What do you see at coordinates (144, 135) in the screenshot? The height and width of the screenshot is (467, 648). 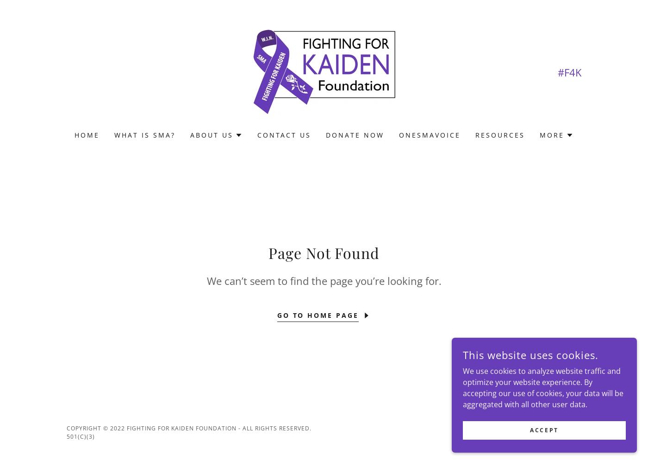 I see `'What is SMA?'` at bounding box center [144, 135].